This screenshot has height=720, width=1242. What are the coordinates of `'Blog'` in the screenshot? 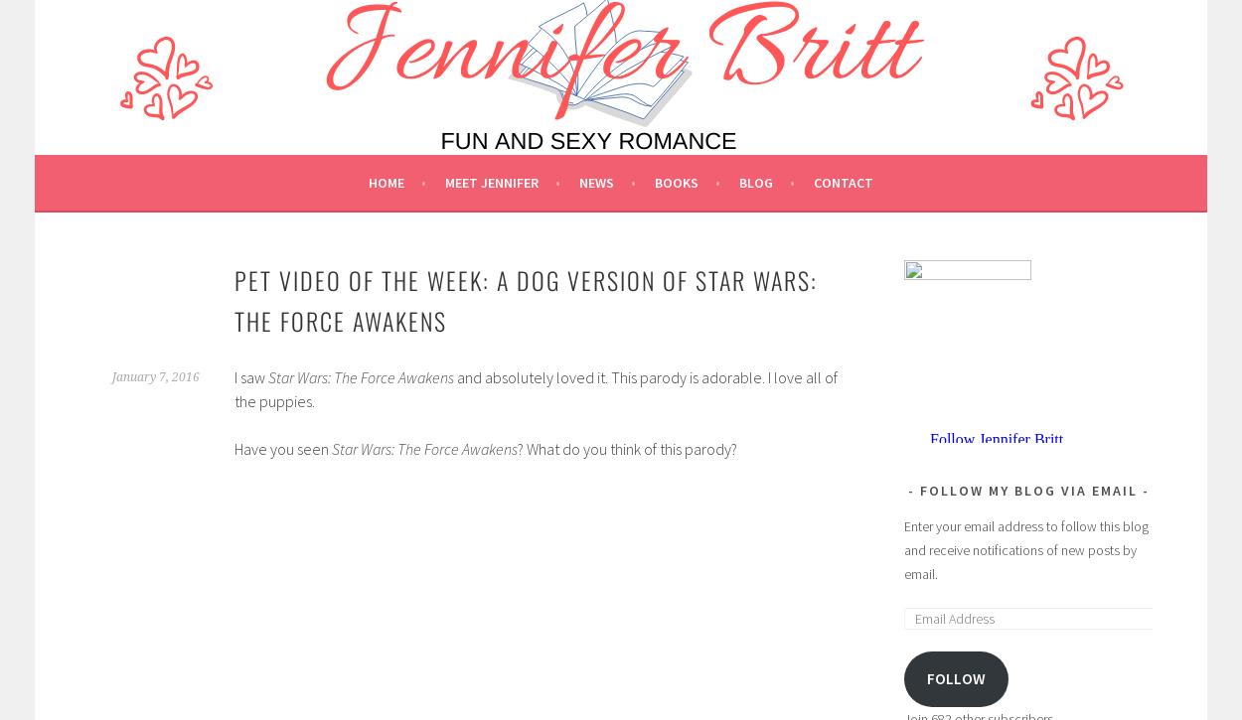 It's located at (756, 182).